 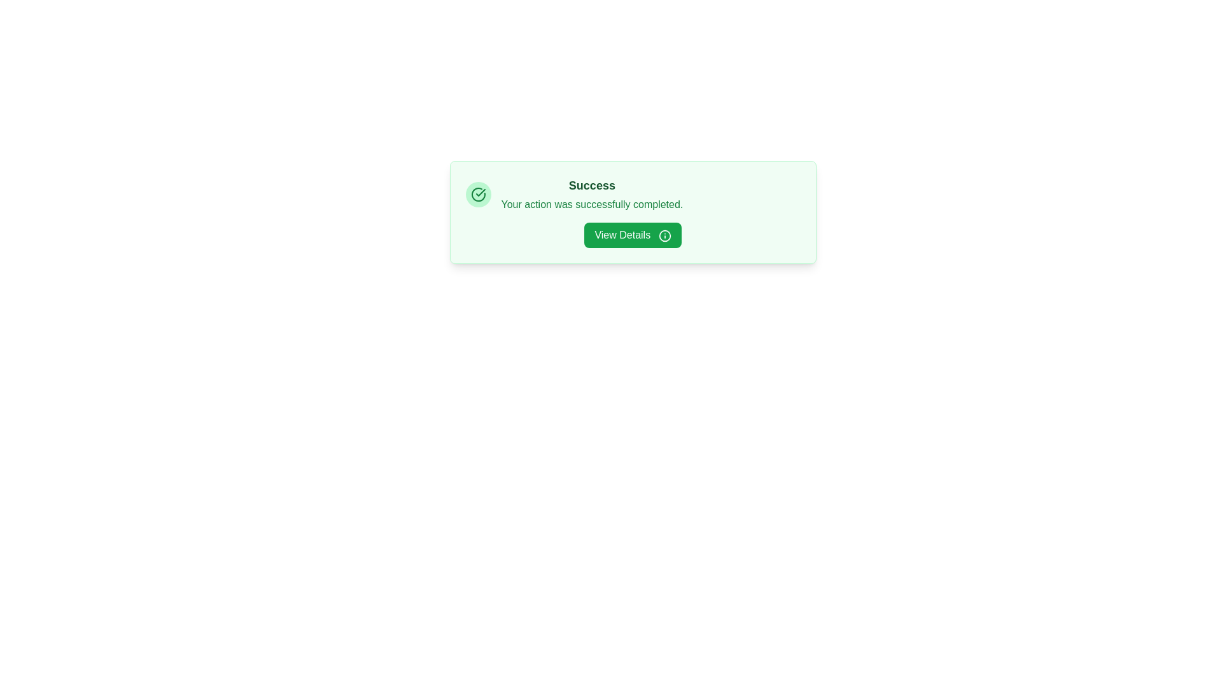 What do you see at coordinates (633, 194) in the screenshot?
I see `the text 'Success Your action was successfully completed.' to highlight it` at bounding box center [633, 194].